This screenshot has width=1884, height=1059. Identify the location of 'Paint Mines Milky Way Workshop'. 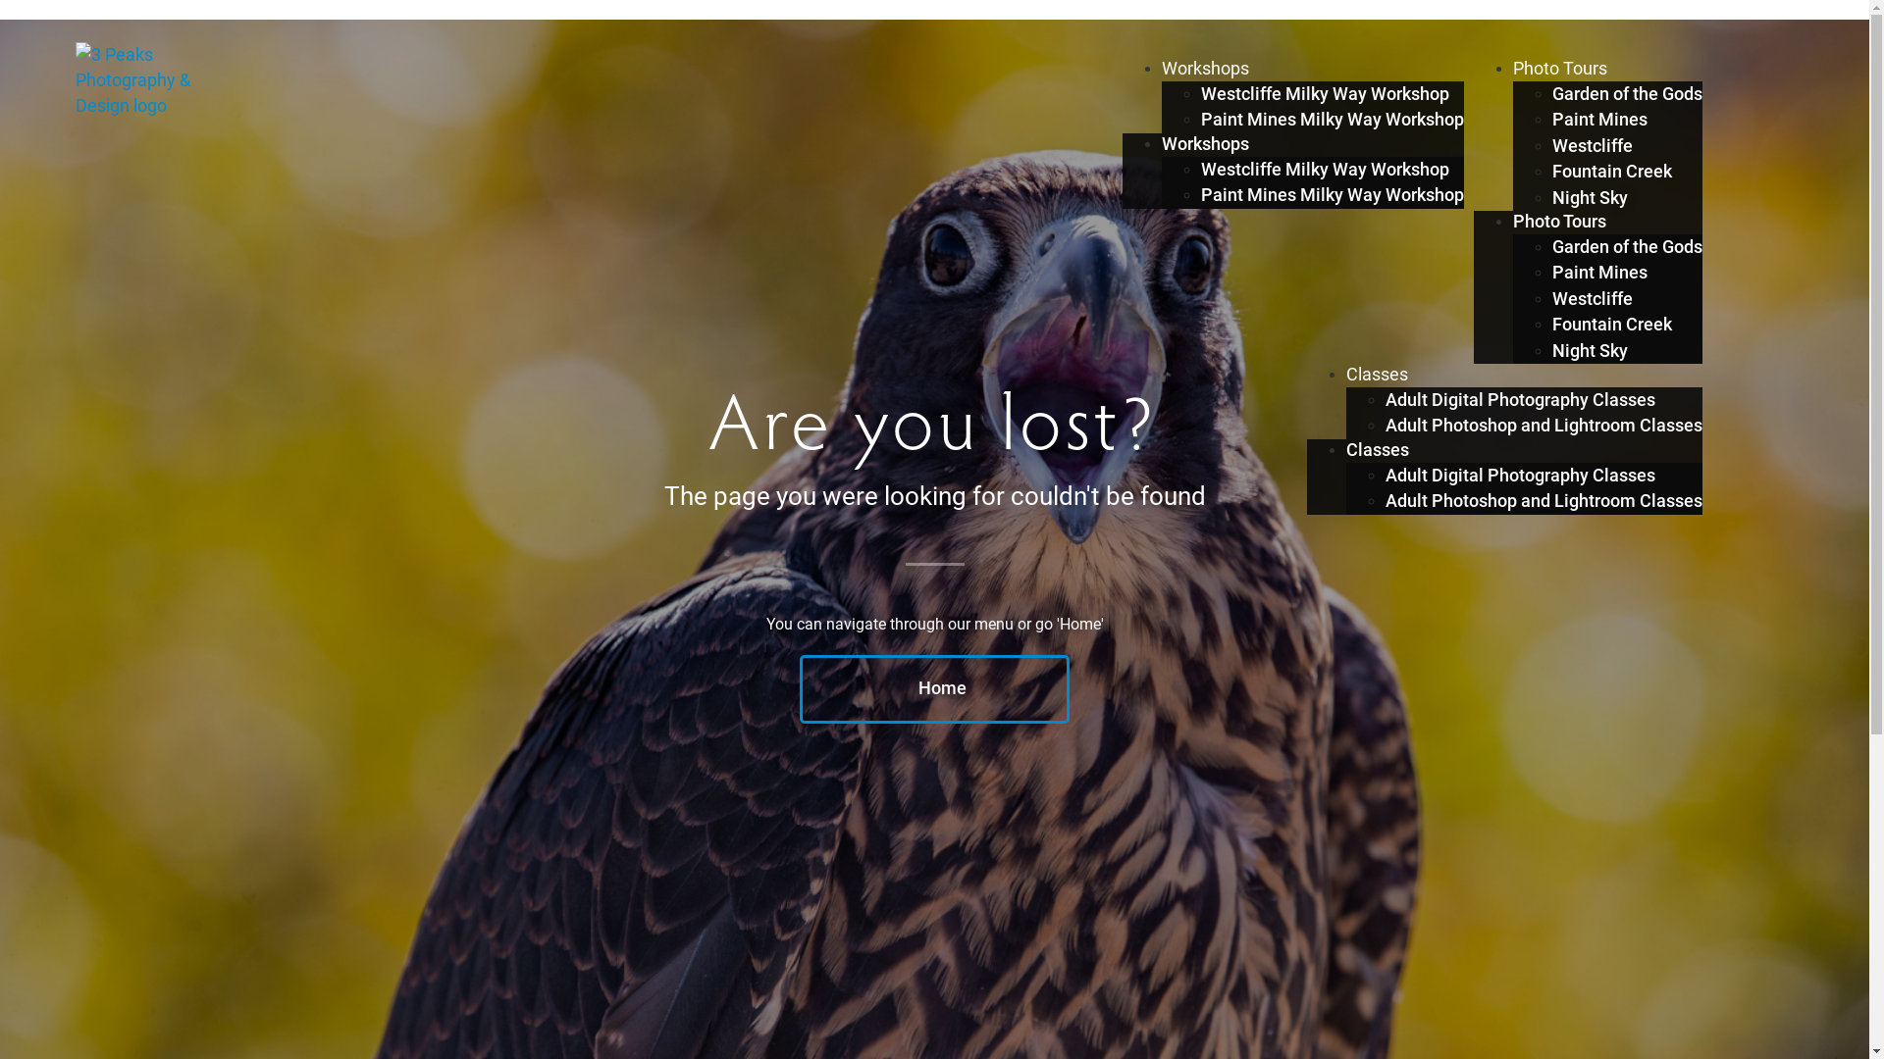
(1333, 120).